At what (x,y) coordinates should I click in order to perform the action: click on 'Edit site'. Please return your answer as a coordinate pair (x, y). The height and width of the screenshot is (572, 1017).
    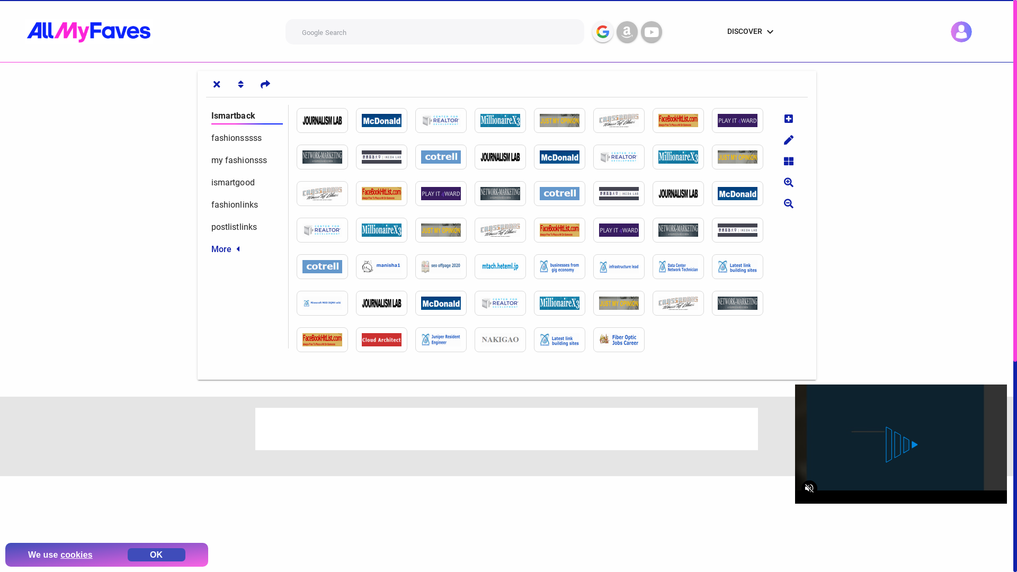
    Looking at the image, I should click on (788, 139).